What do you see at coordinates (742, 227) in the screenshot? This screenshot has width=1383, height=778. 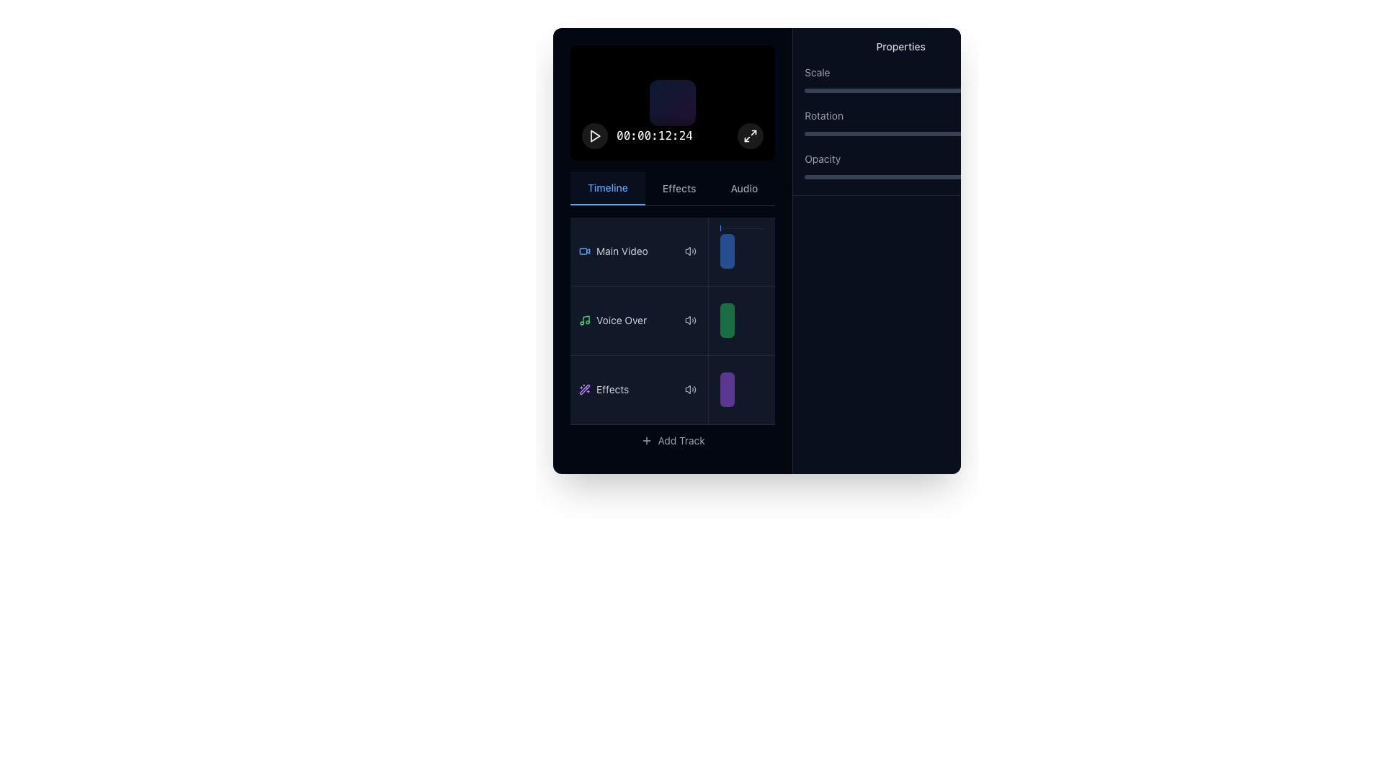 I see `the Indicator or guide bar located in the Main Video section of the left panel` at bounding box center [742, 227].